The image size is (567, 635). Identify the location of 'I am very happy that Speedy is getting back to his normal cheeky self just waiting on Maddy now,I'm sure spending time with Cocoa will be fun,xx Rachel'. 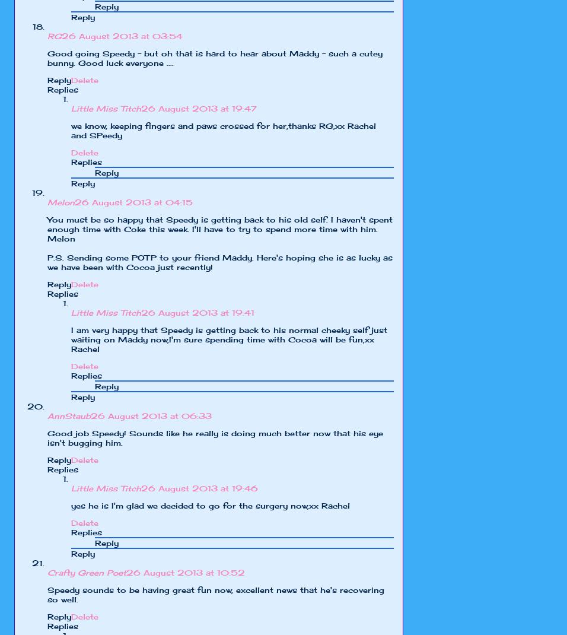
(229, 339).